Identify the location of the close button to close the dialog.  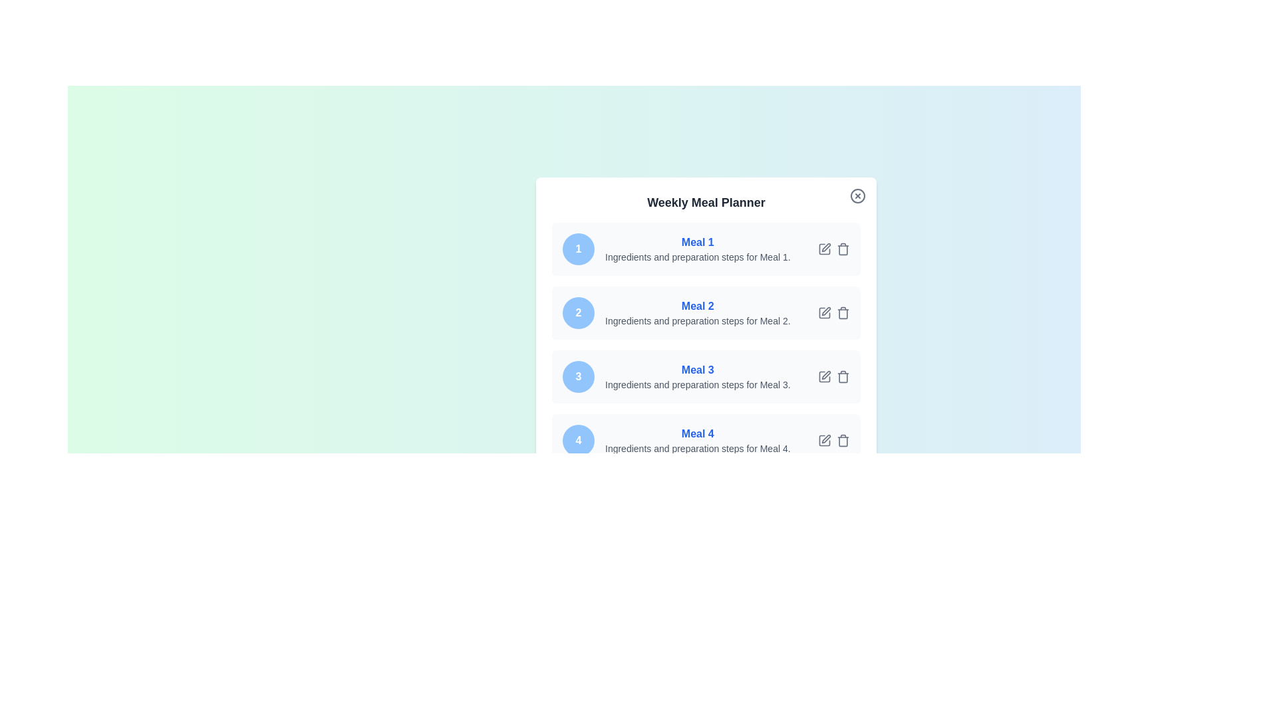
(858, 195).